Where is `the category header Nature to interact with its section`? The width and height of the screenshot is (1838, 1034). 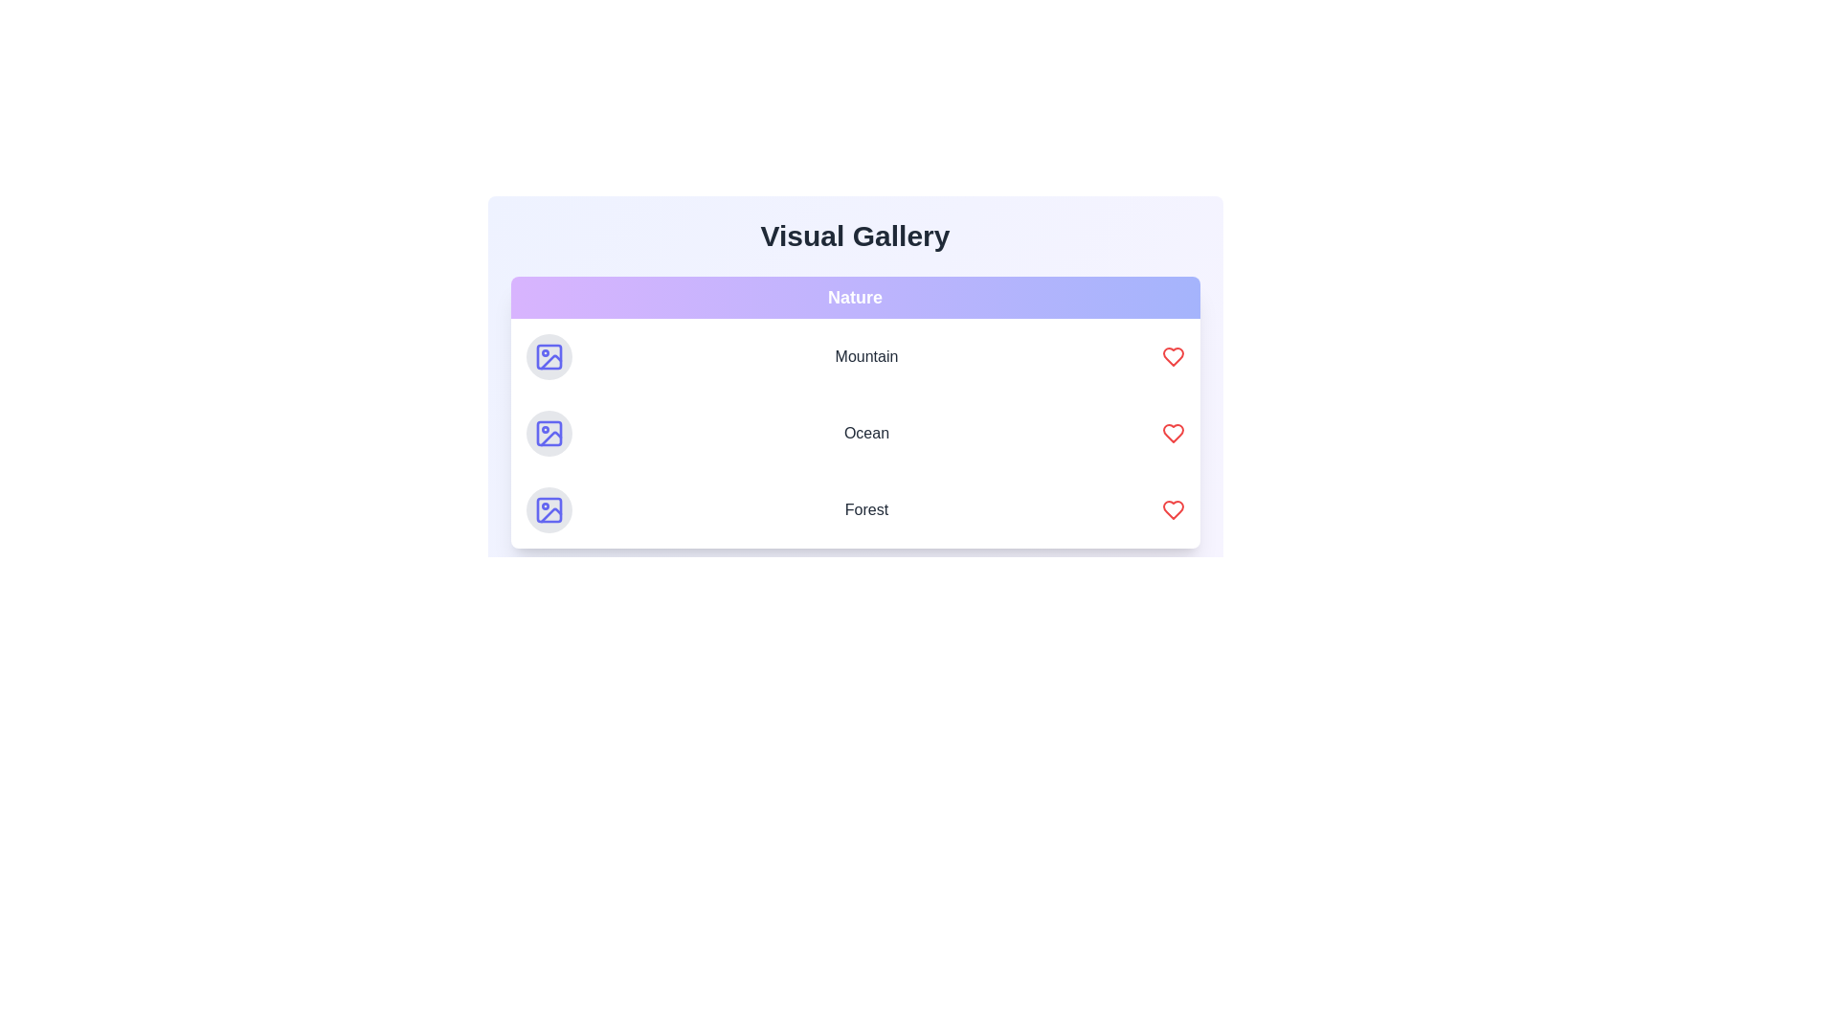 the category header Nature to interact with its section is located at coordinates (854, 298).